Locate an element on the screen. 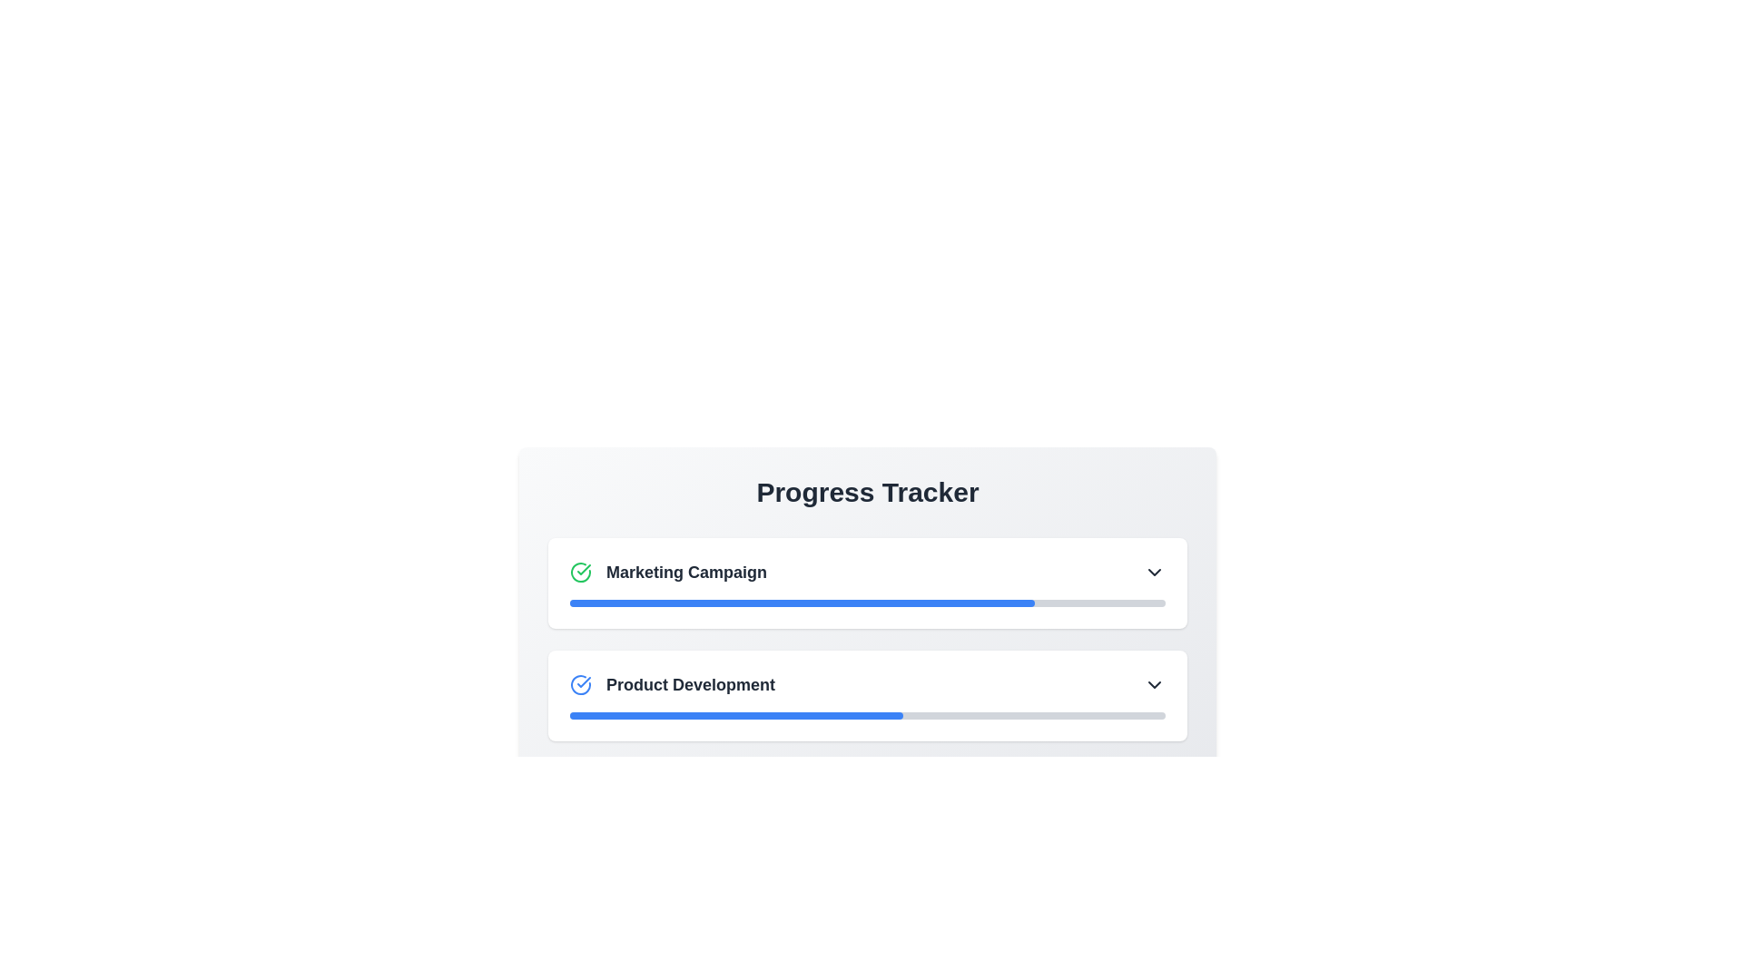 The width and height of the screenshot is (1743, 980). the progress bar indicating the progress of the 'Marketing Campaign' under the 'Progress Tracker' section is located at coordinates (801, 603).